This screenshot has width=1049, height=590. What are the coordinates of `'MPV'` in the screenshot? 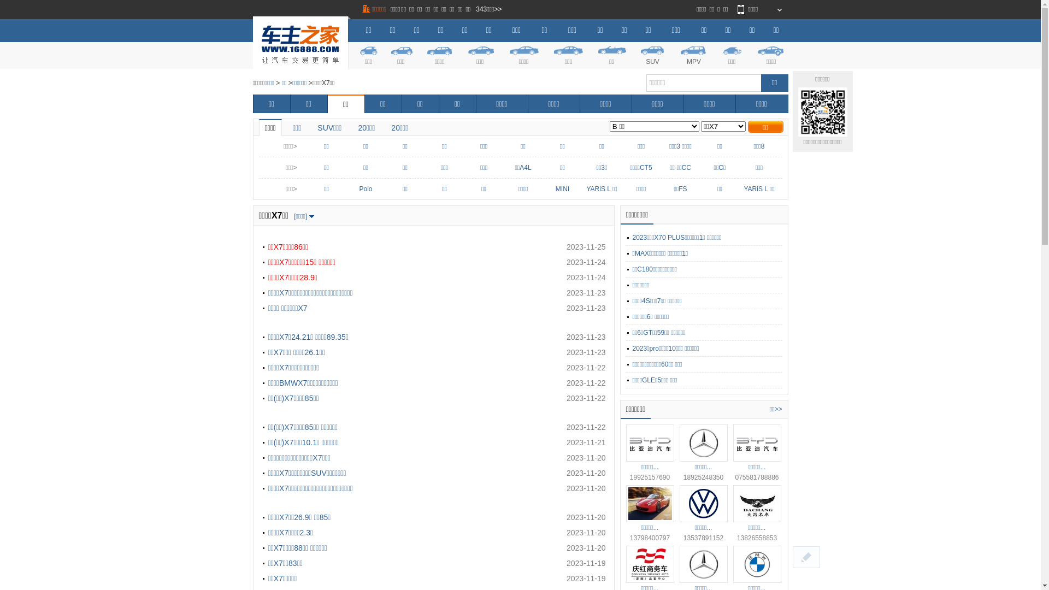 It's located at (693, 54).